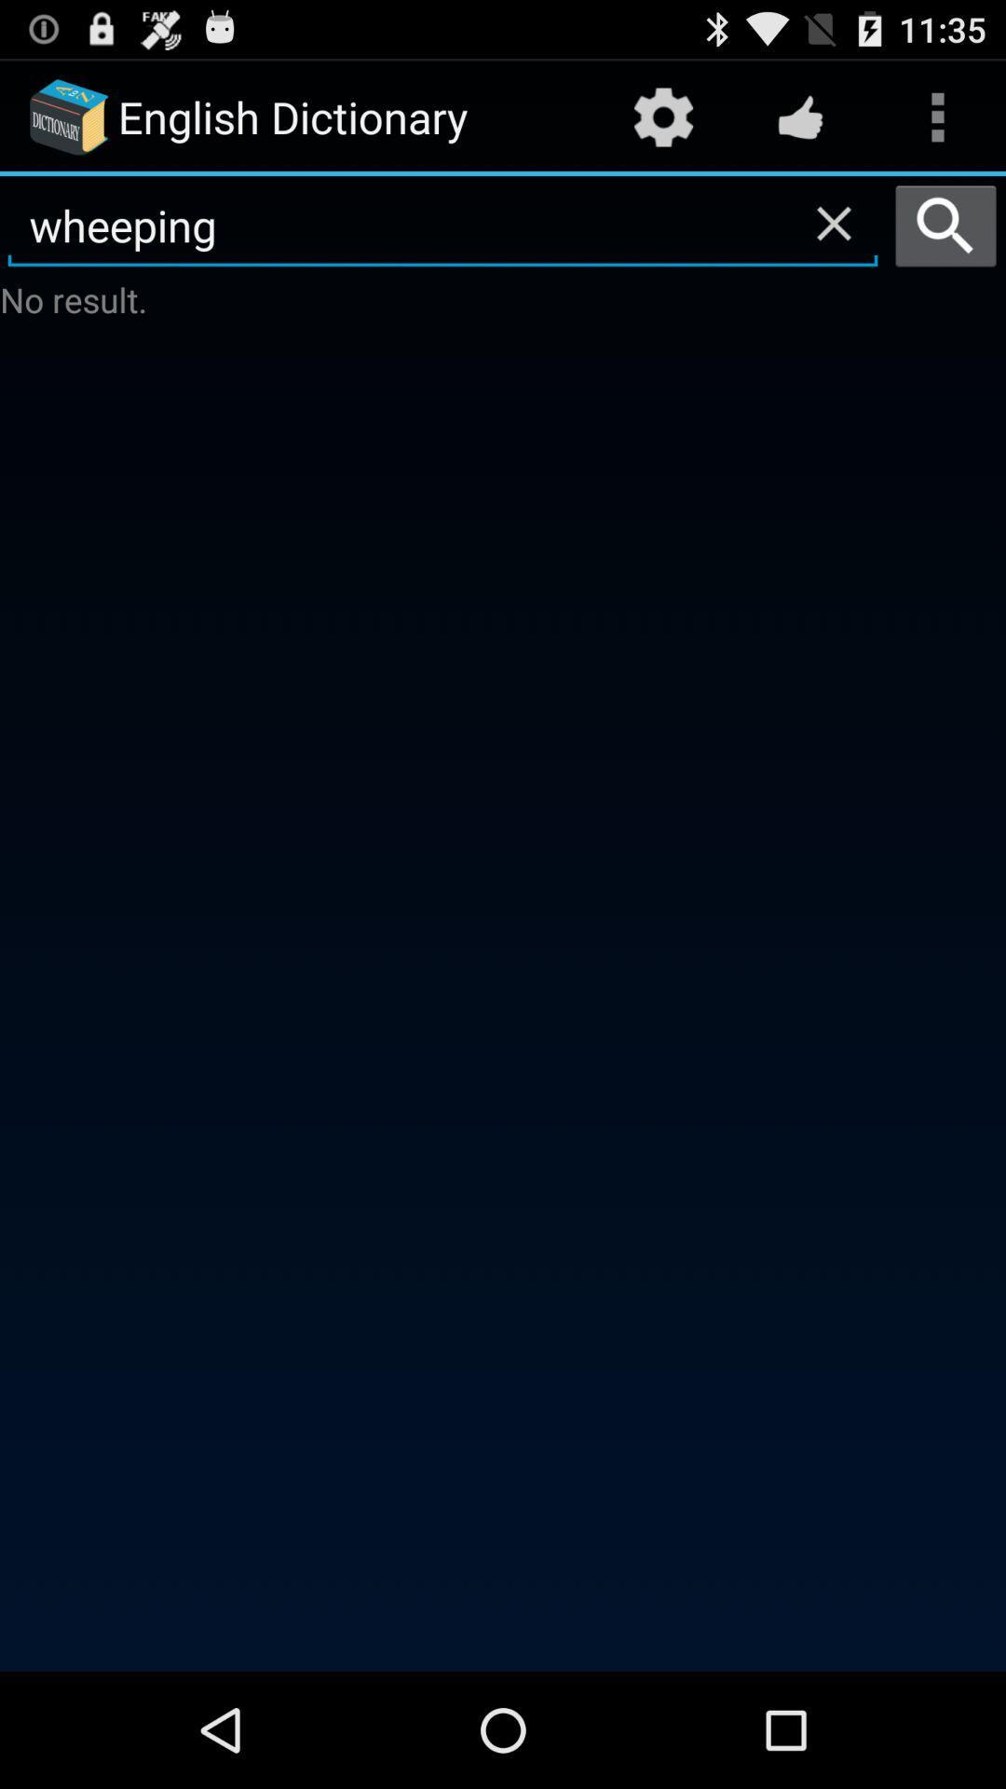 The height and width of the screenshot is (1789, 1006). I want to click on icon to the right of the english dictionary app, so click(662, 116).